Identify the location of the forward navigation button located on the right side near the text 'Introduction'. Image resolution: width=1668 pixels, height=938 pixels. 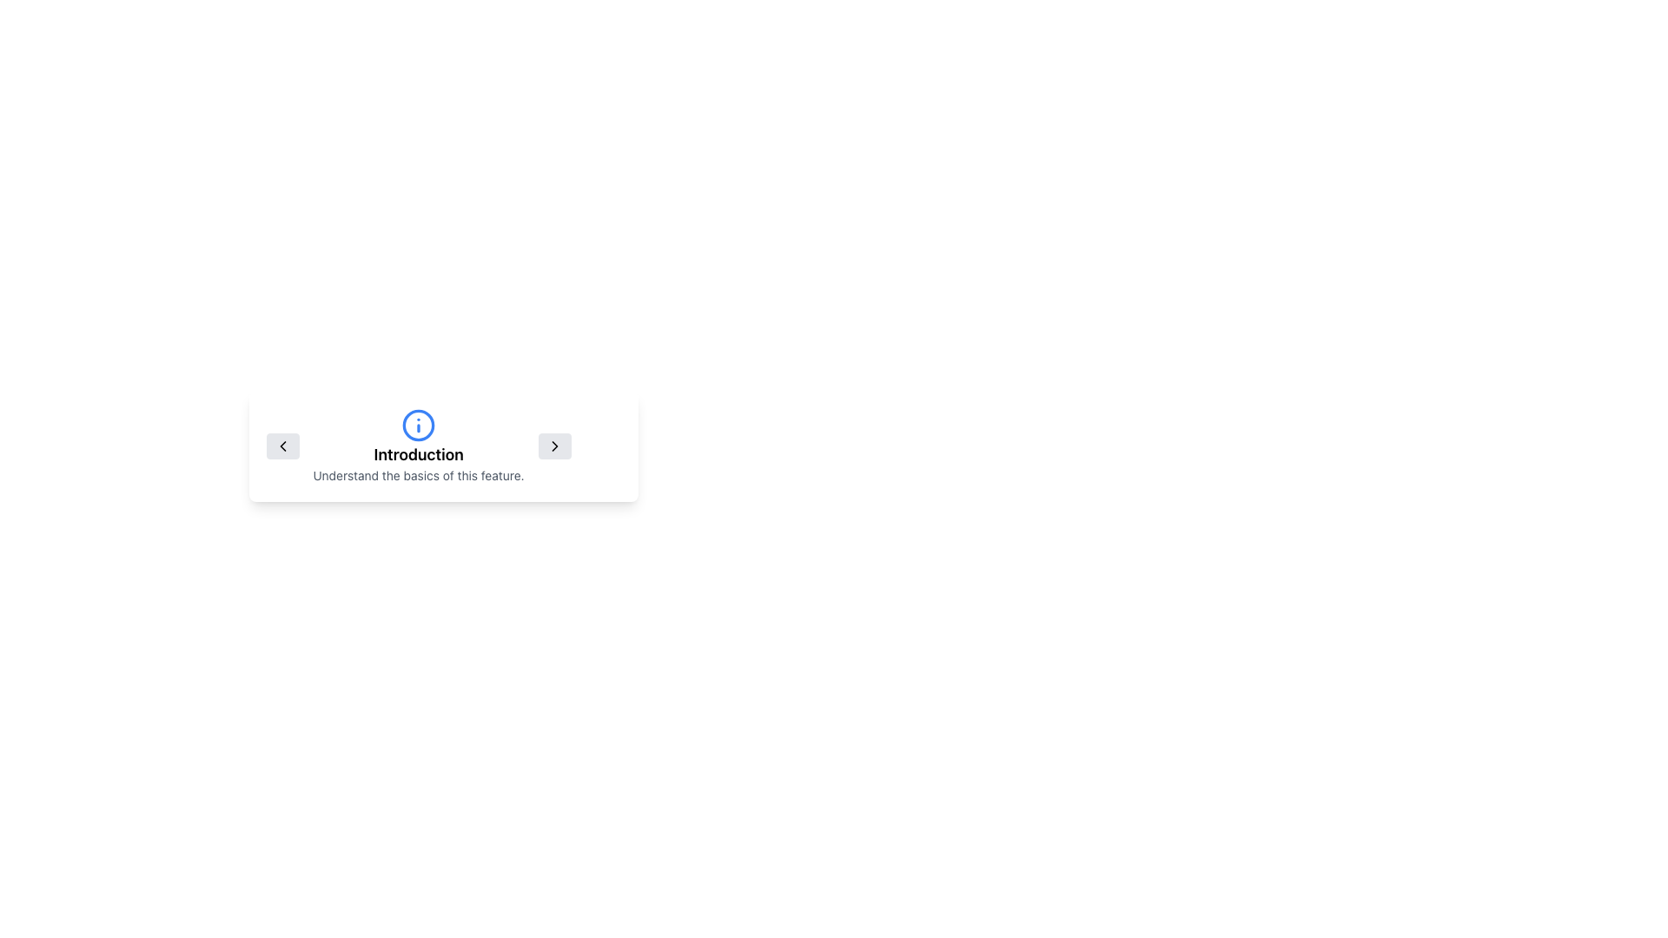
(553, 445).